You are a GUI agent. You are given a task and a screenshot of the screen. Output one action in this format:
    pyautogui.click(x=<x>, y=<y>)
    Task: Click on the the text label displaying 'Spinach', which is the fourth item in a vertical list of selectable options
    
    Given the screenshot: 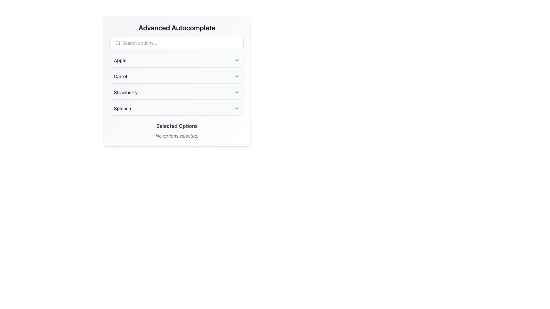 What is the action you would take?
    pyautogui.click(x=122, y=108)
    